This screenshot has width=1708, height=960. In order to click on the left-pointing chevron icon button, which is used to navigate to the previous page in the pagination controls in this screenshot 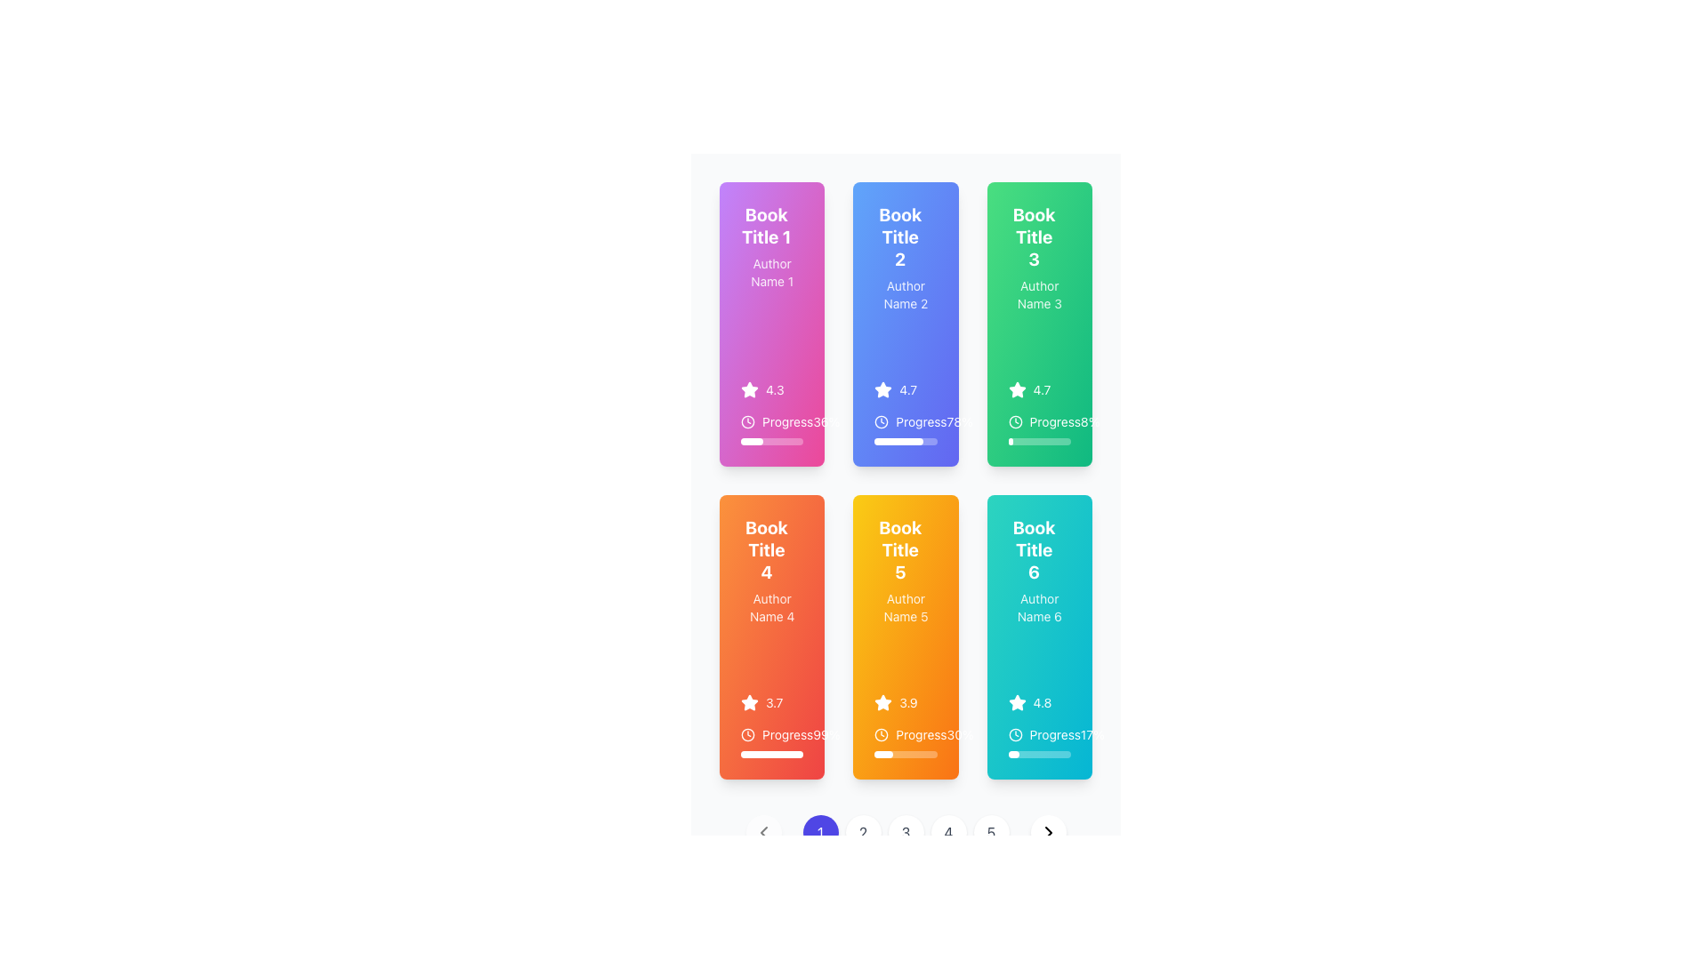, I will do `click(763, 833)`.